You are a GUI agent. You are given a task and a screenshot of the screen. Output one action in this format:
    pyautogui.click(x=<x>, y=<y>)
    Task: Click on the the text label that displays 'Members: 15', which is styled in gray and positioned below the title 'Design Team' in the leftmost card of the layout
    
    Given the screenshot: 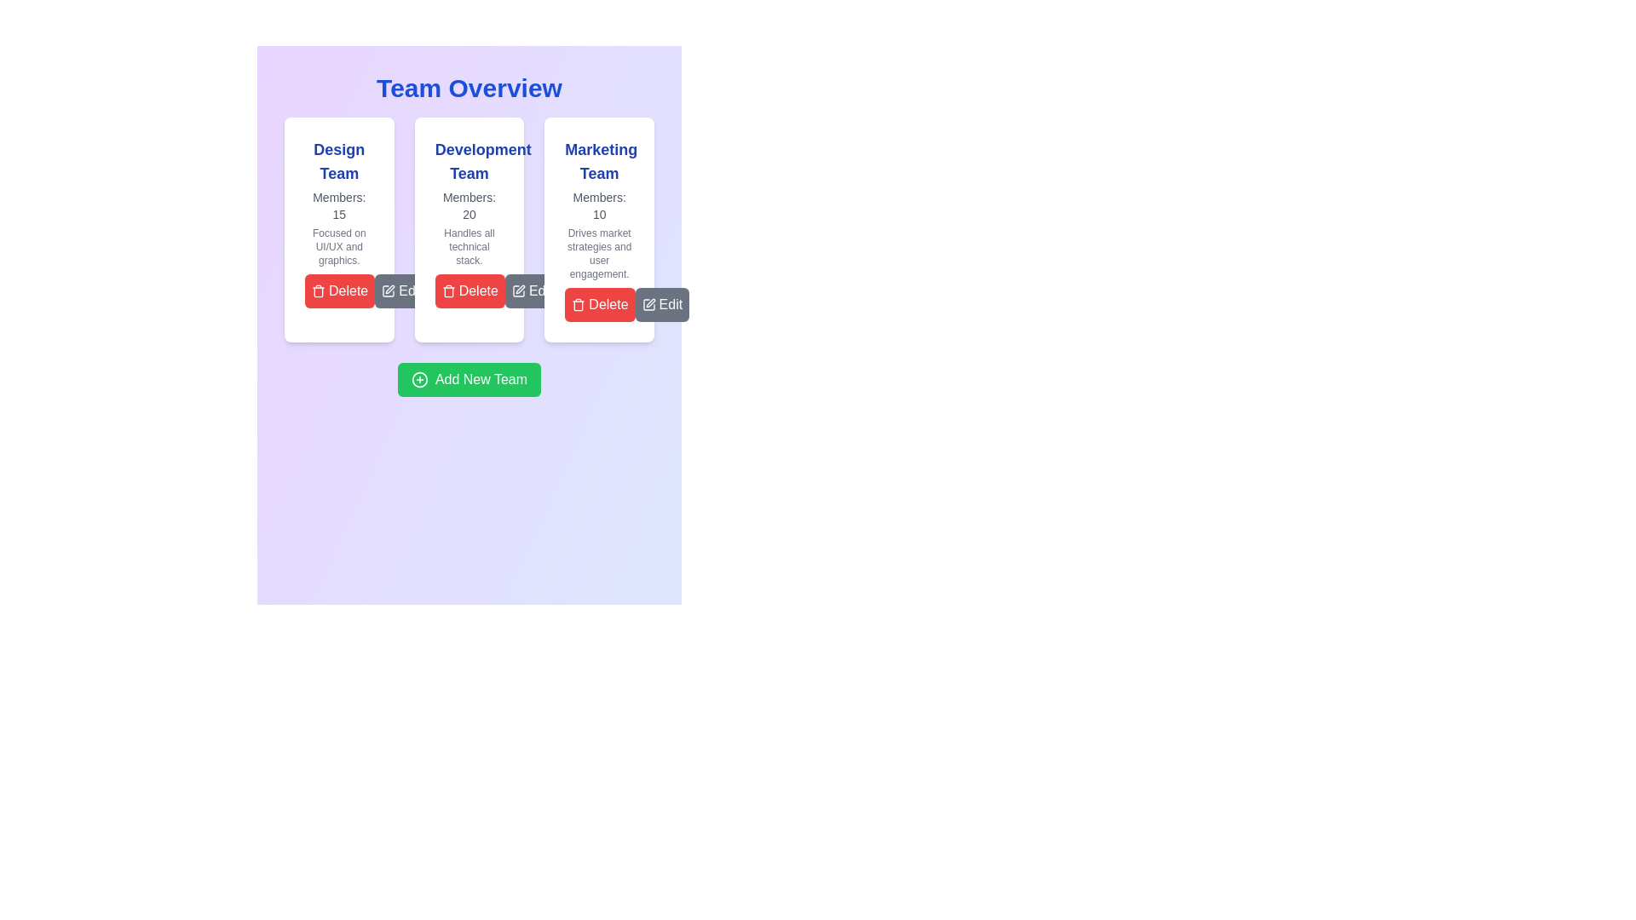 What is the action you would take?
    pyautogui.click(x=339, y=205)
    